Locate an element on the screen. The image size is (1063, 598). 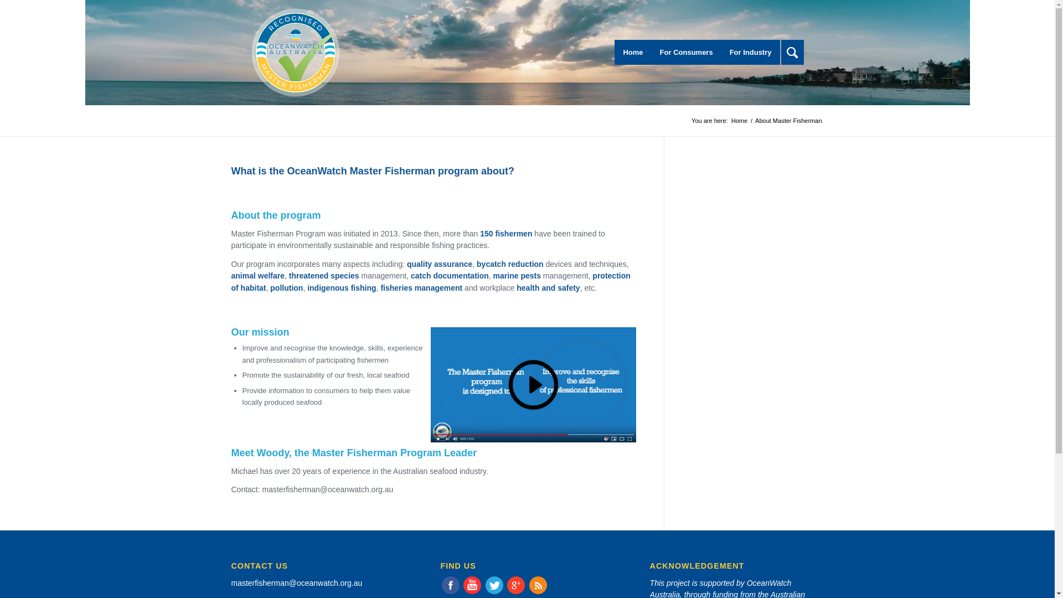
'Home' is located at coordinates (730, 121).